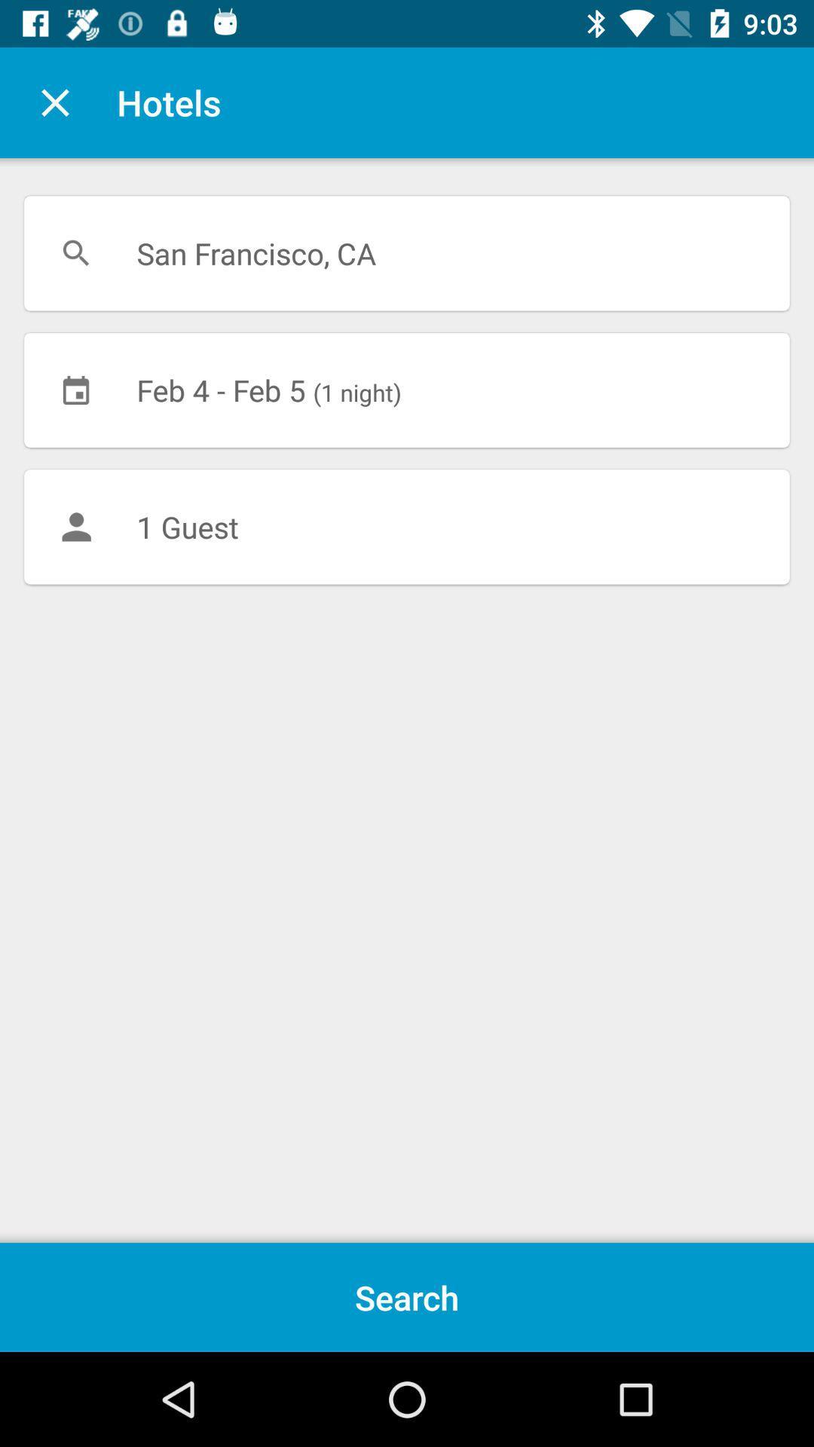  What do you see at coordinates (407, 390) in the screenshot?
I see `item above the 1 guest` at bounding box center [407, 390].